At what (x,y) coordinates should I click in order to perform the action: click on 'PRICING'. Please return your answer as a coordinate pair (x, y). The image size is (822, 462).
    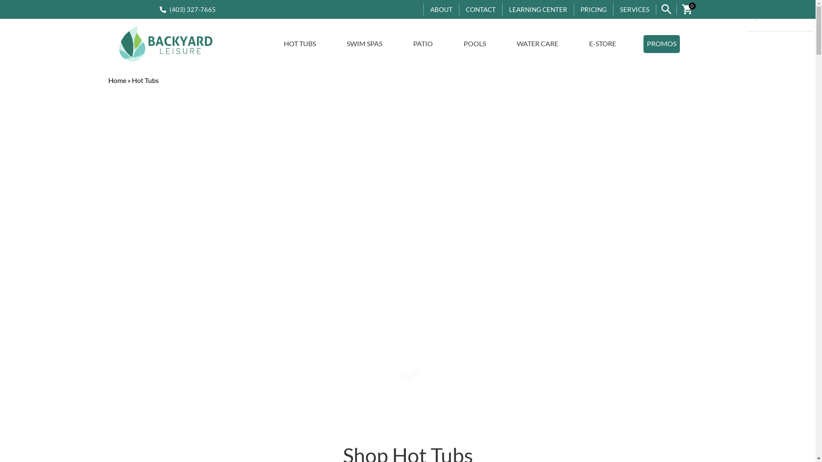
    Looking at the image, I should click on (593, 9).